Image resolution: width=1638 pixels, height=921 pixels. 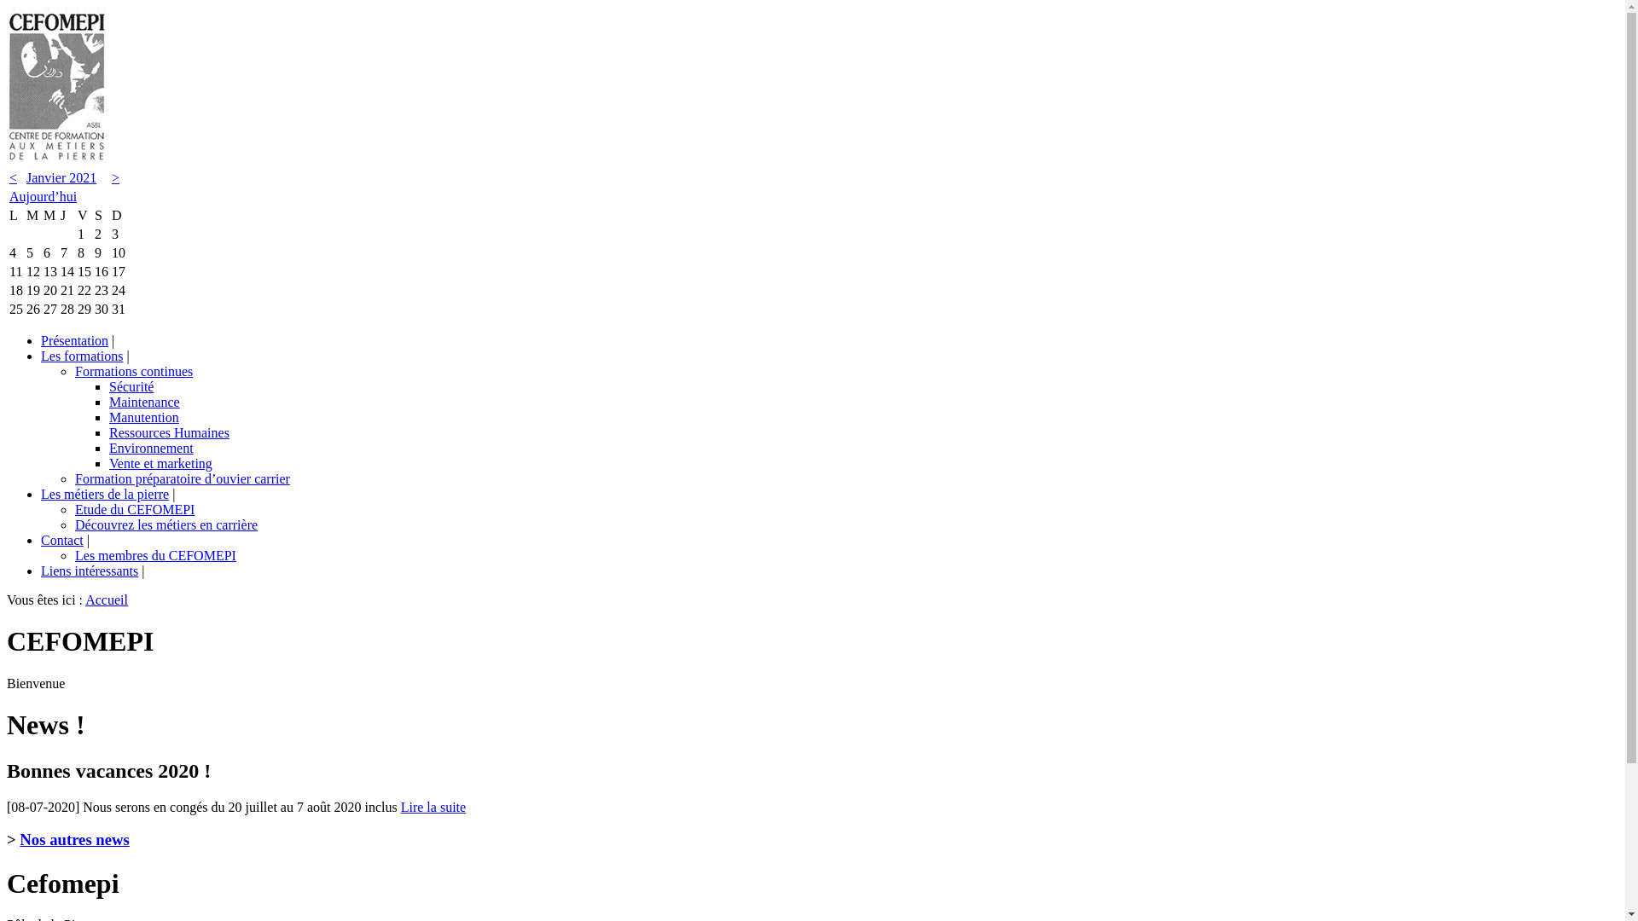 What do you see at coordinates (151, 447) in the screenshot?
I see `'Environnement'` at bounding box center [151, 447].